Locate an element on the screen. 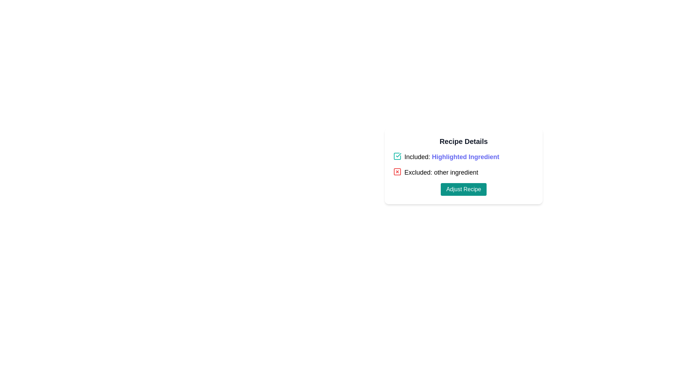  the first text label that indicates included ingredients in the recipe, located directly under the 'Recipe Details' header and to the right of a teal checkmark icon is located at coordinates (452, 156).